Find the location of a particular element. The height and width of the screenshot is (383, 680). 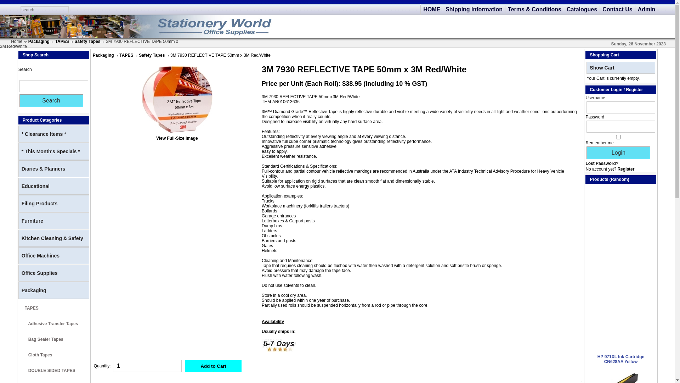

'Login' is located at coordinates (618, 152).